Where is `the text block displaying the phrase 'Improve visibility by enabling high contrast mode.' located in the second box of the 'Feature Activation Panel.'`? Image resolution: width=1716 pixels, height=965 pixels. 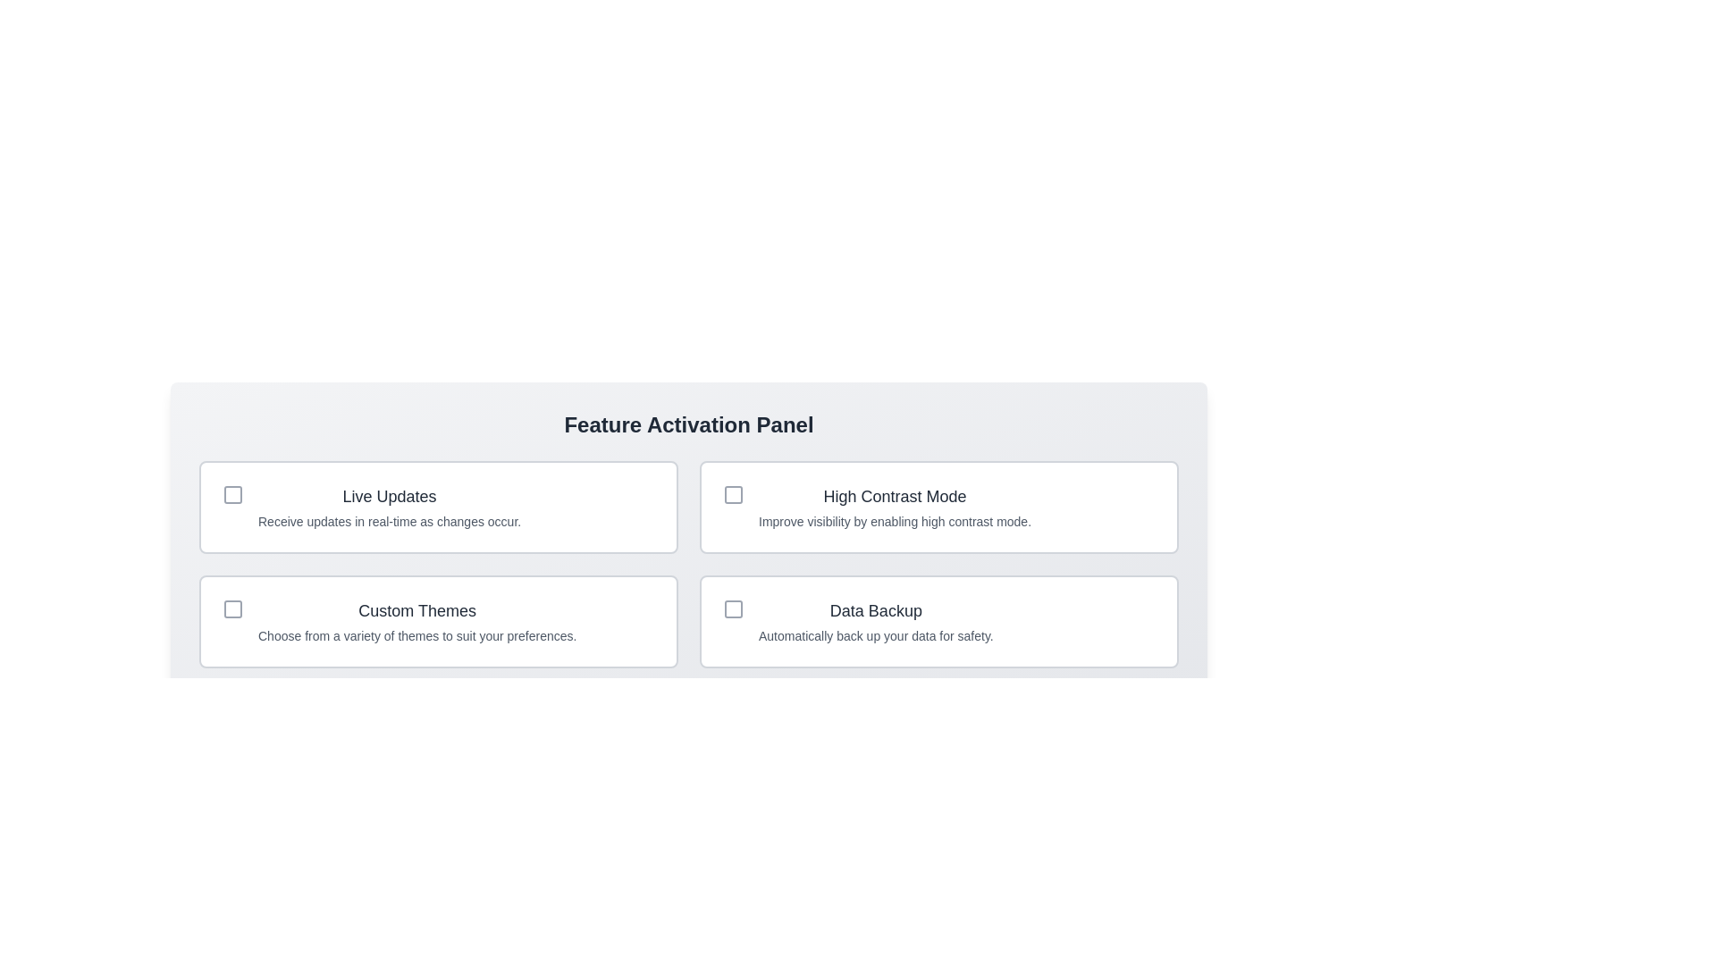 the text block displaying the phrase 'Improve visibility by enabling high contrast mode.' located in the second box of the 'Feature Activation Panel.' is located at coordinates (895, 521).